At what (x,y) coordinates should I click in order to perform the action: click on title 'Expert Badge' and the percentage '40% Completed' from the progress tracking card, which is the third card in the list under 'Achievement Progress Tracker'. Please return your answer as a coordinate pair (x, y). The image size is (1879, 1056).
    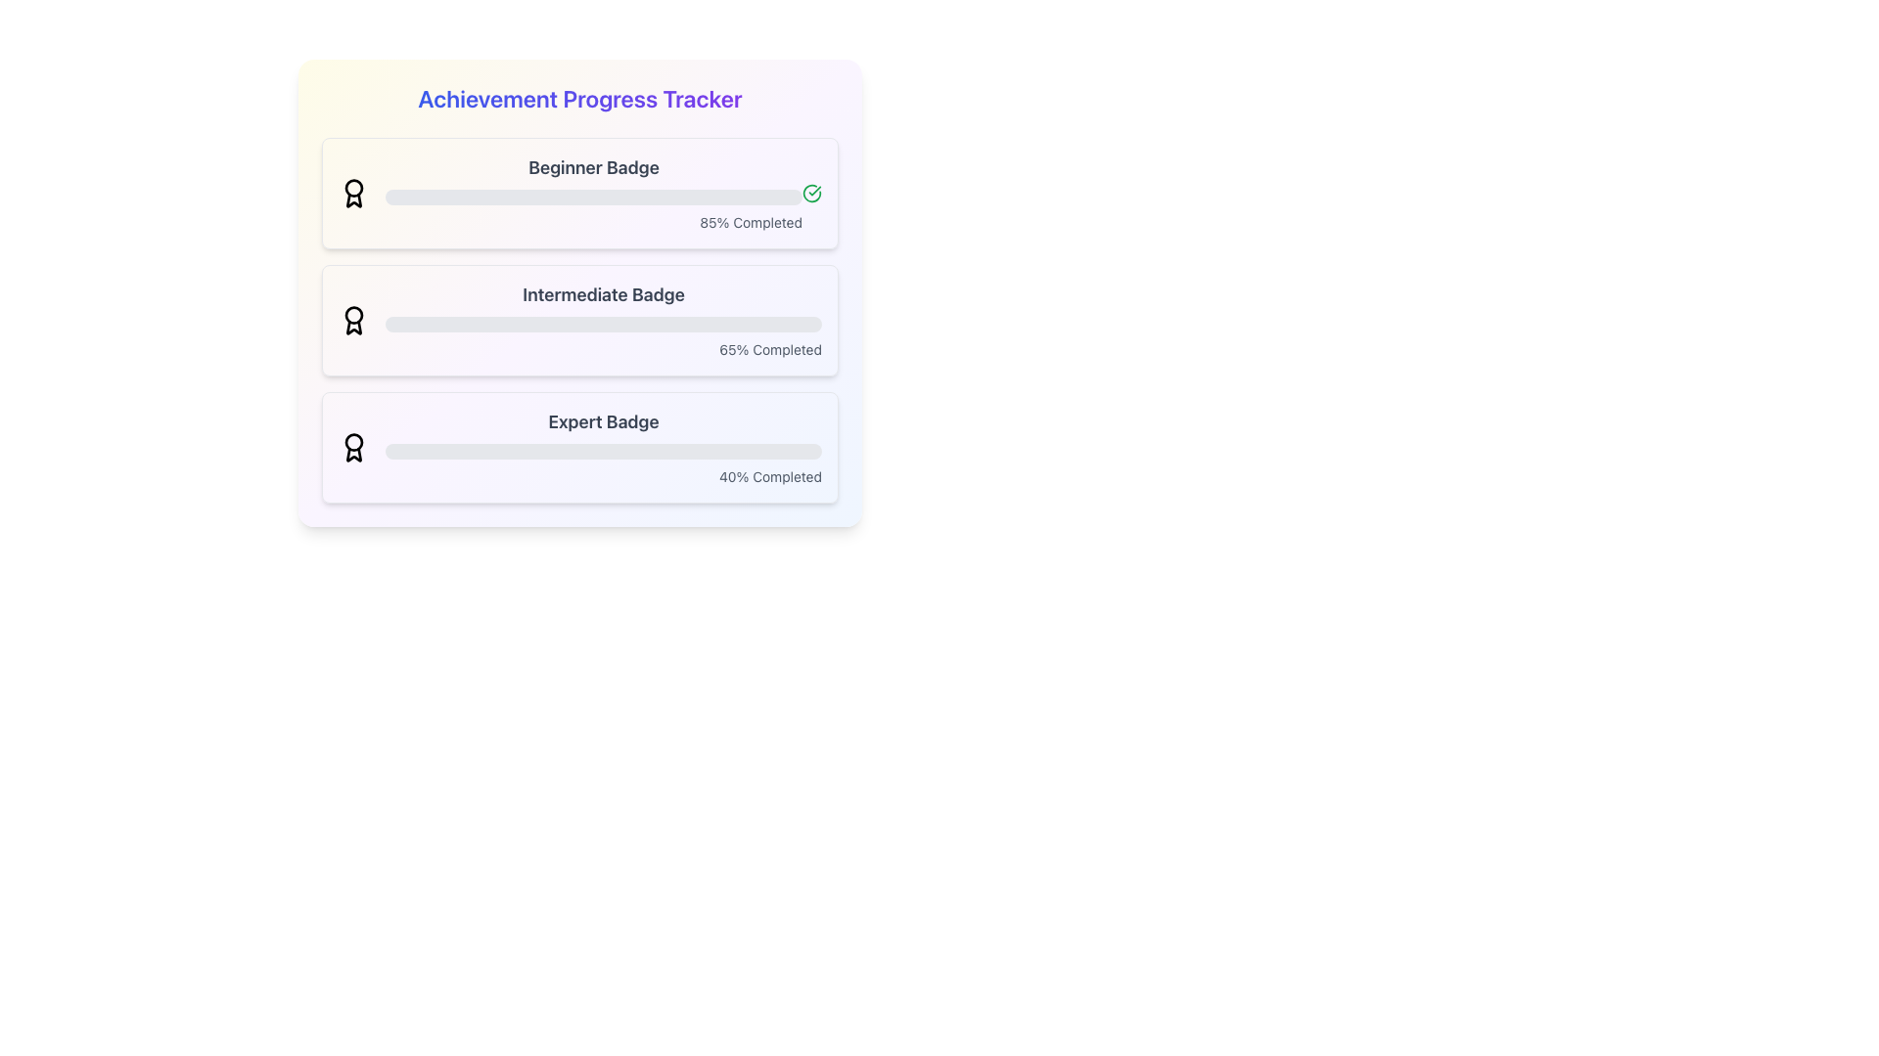
    Looking at the image, I should click on (603, 448).